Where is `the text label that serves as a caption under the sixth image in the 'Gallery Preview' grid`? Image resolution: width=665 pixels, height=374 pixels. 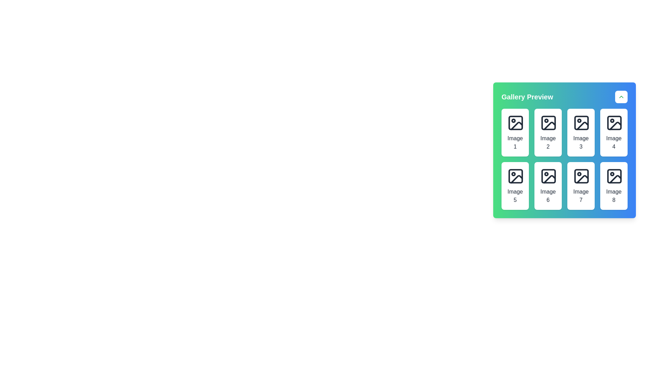
the text label that serves as a caption under the sixth image in the 'Gallery Preview' grid is located at coordinates (548, 196).